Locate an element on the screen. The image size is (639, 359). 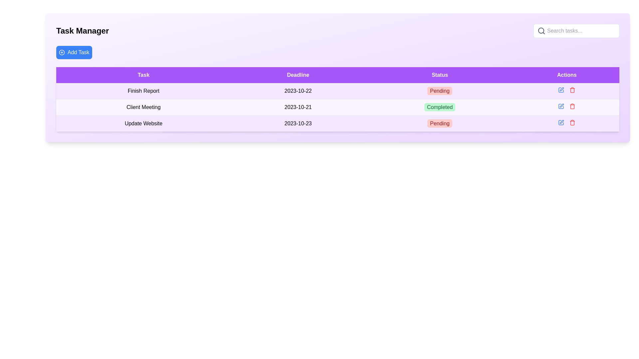
the search icon located at the top-right side of the search bar component, which serves as a visual indicator and activator for search operations is located at coordinates (541, 31).